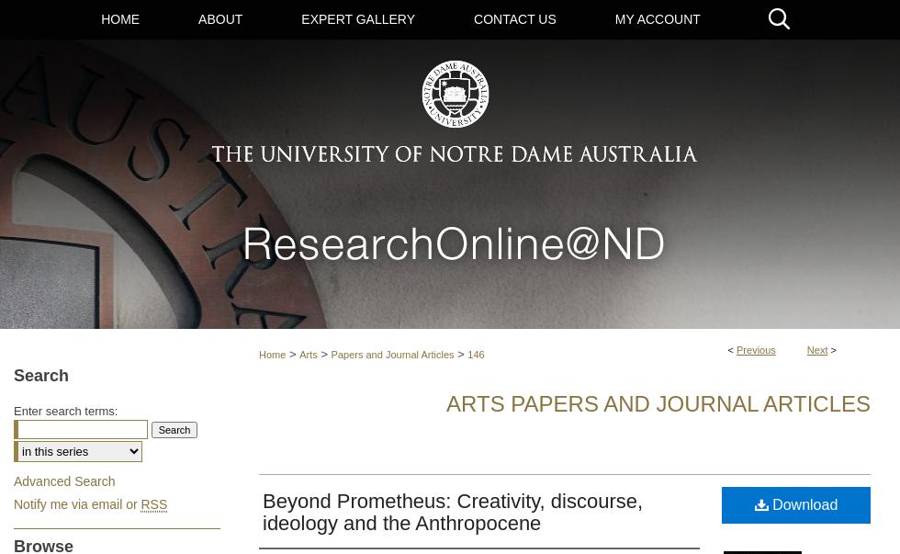 This screenshot has height=554, width=900. What do you see at coordinates (220, 18) in the screenshot?
I see `'About'` at bounding box center [220, 18].